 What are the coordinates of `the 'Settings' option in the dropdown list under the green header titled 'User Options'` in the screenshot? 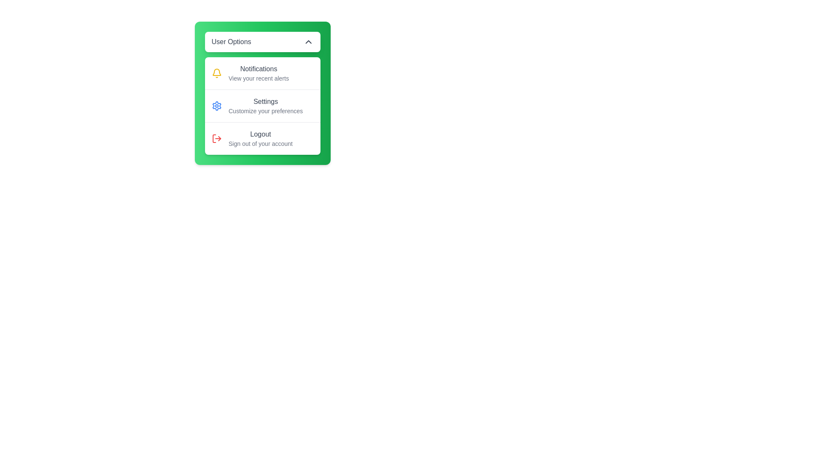 It's located at (262, 106).